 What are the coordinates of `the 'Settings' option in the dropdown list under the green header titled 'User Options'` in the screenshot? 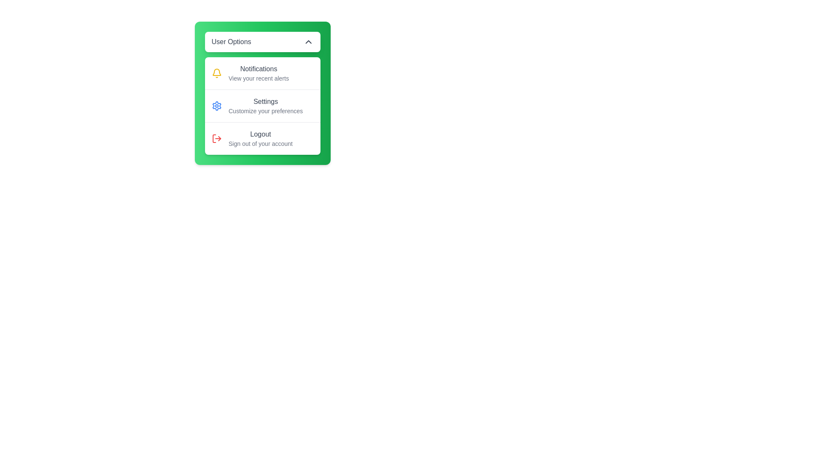 It's located at (262, 106).